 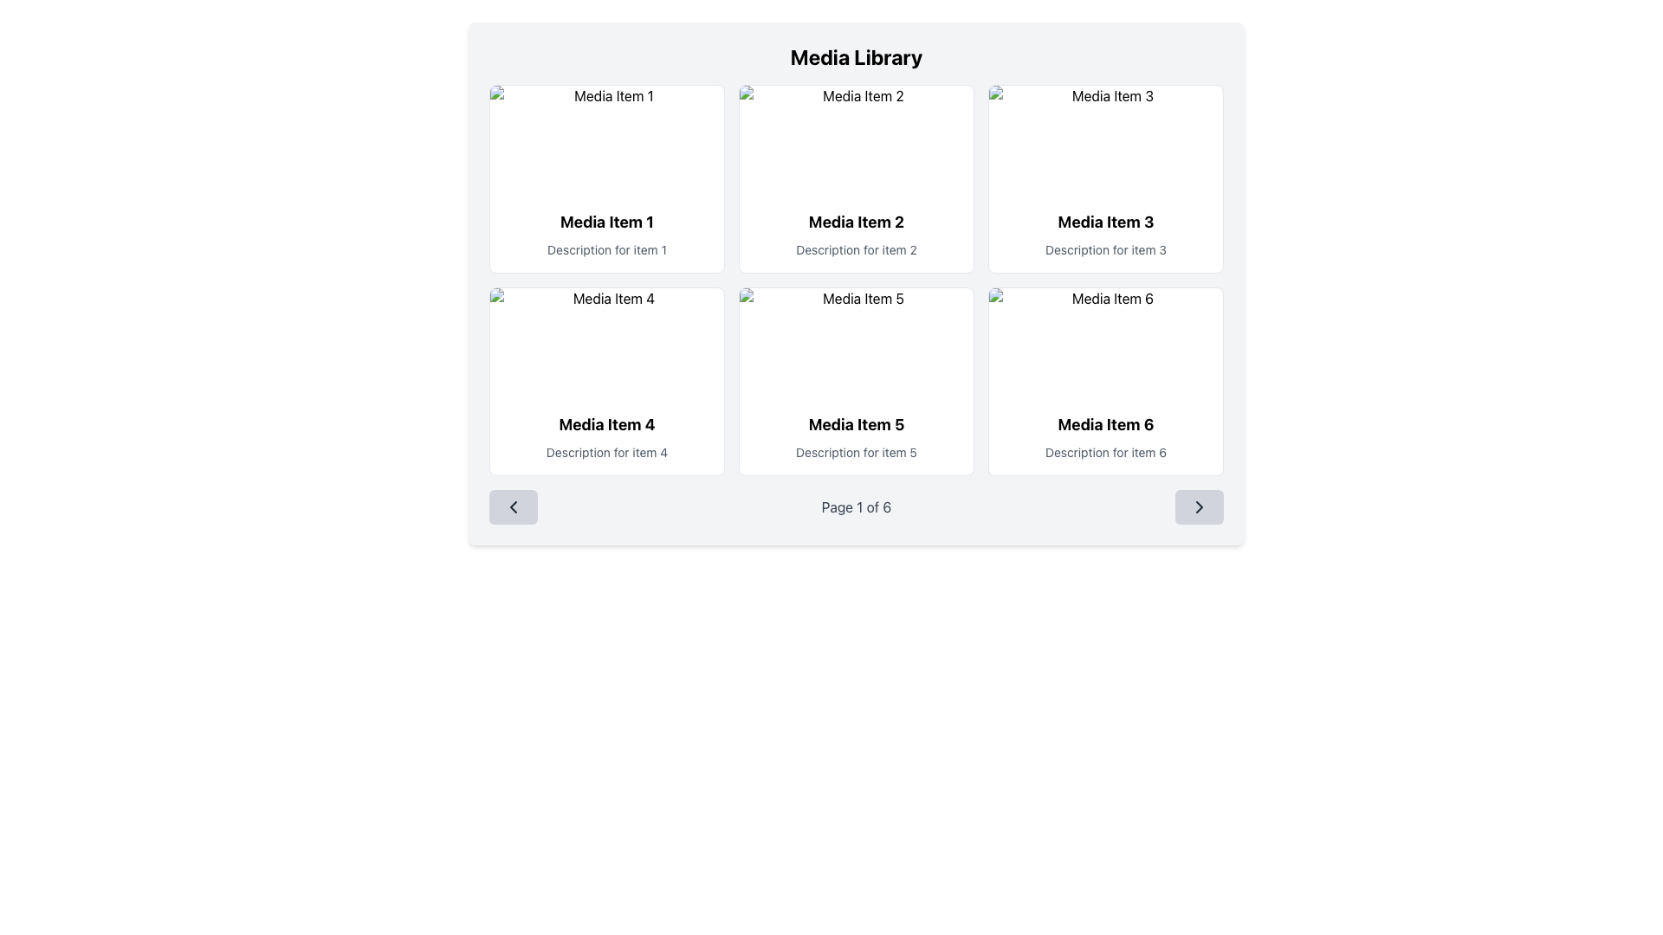 I want to click on the thumbnail for 'Media Item 4', so click(x=606, y=344).